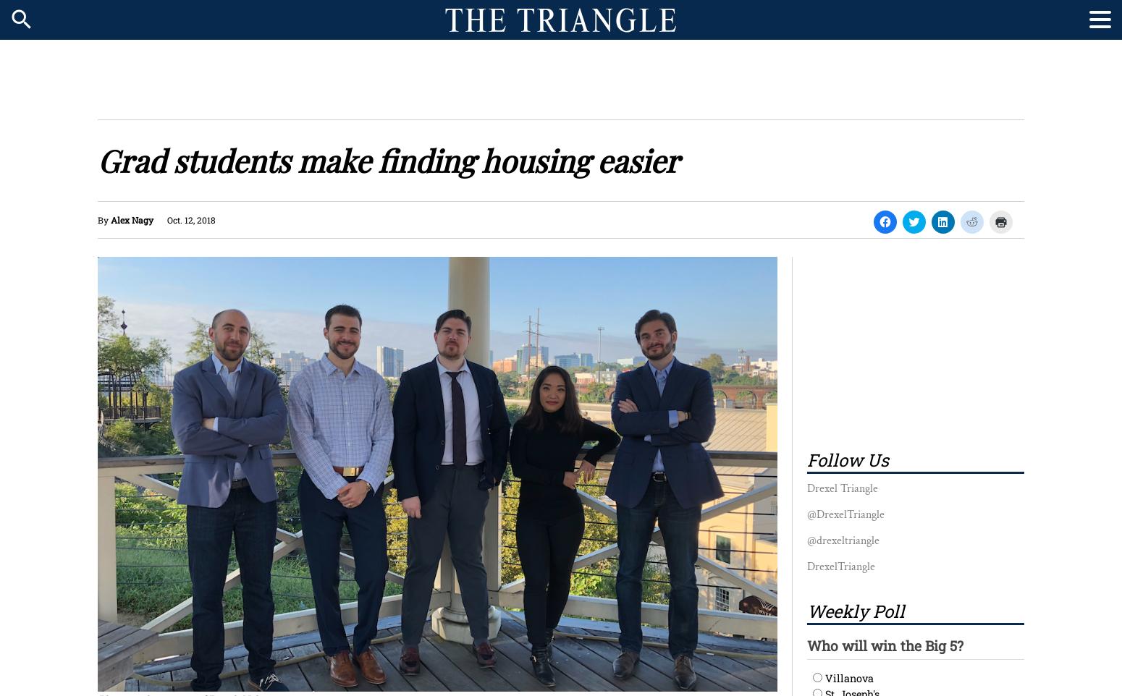 Image resolution: width=1122 pixels, height=696 pixels. I want to click on 'search', so click(21, 19).